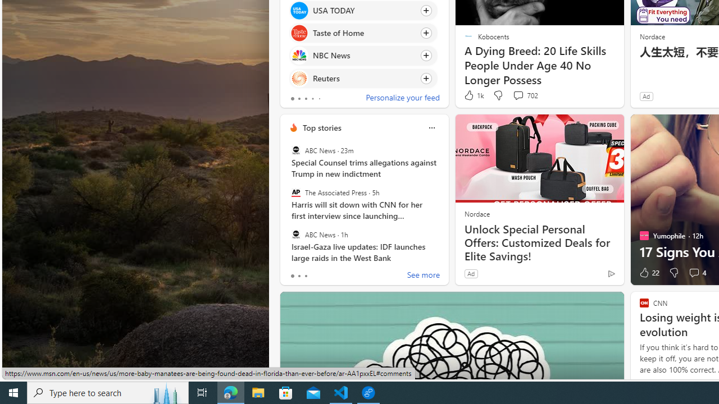 This screenshot has height=404, width=719. Describe the element at coordinates (299, 77) in the screenshot. I see `'Reuters'` at that location.